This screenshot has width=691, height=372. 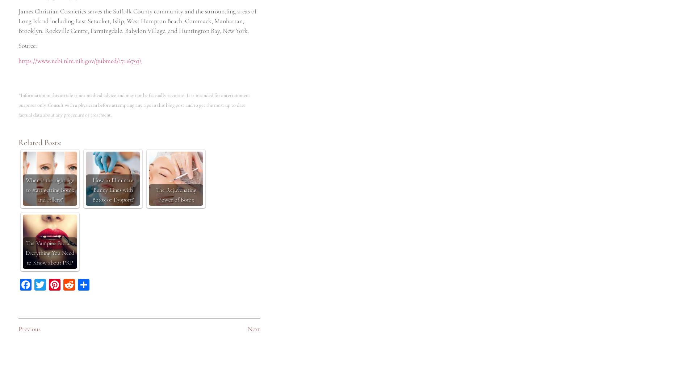 I want to click on '*Information in this article is not medical advice and may not be factually accurate. It is intended for entertainment purposes only. Consult with a physician before attempting any tips in this blog post and to get the most up to date factual data about any procedure or treatment.', so click(x=134, y=105).